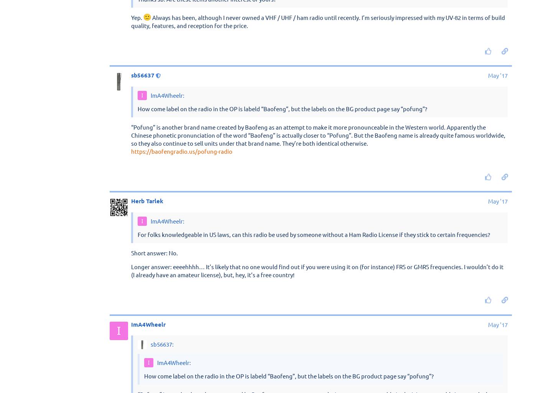 The height and width of the screenshot is (393, 556). I want to click on 'Thanks sb. Are these items another interest of yours?', so click(207, 221).